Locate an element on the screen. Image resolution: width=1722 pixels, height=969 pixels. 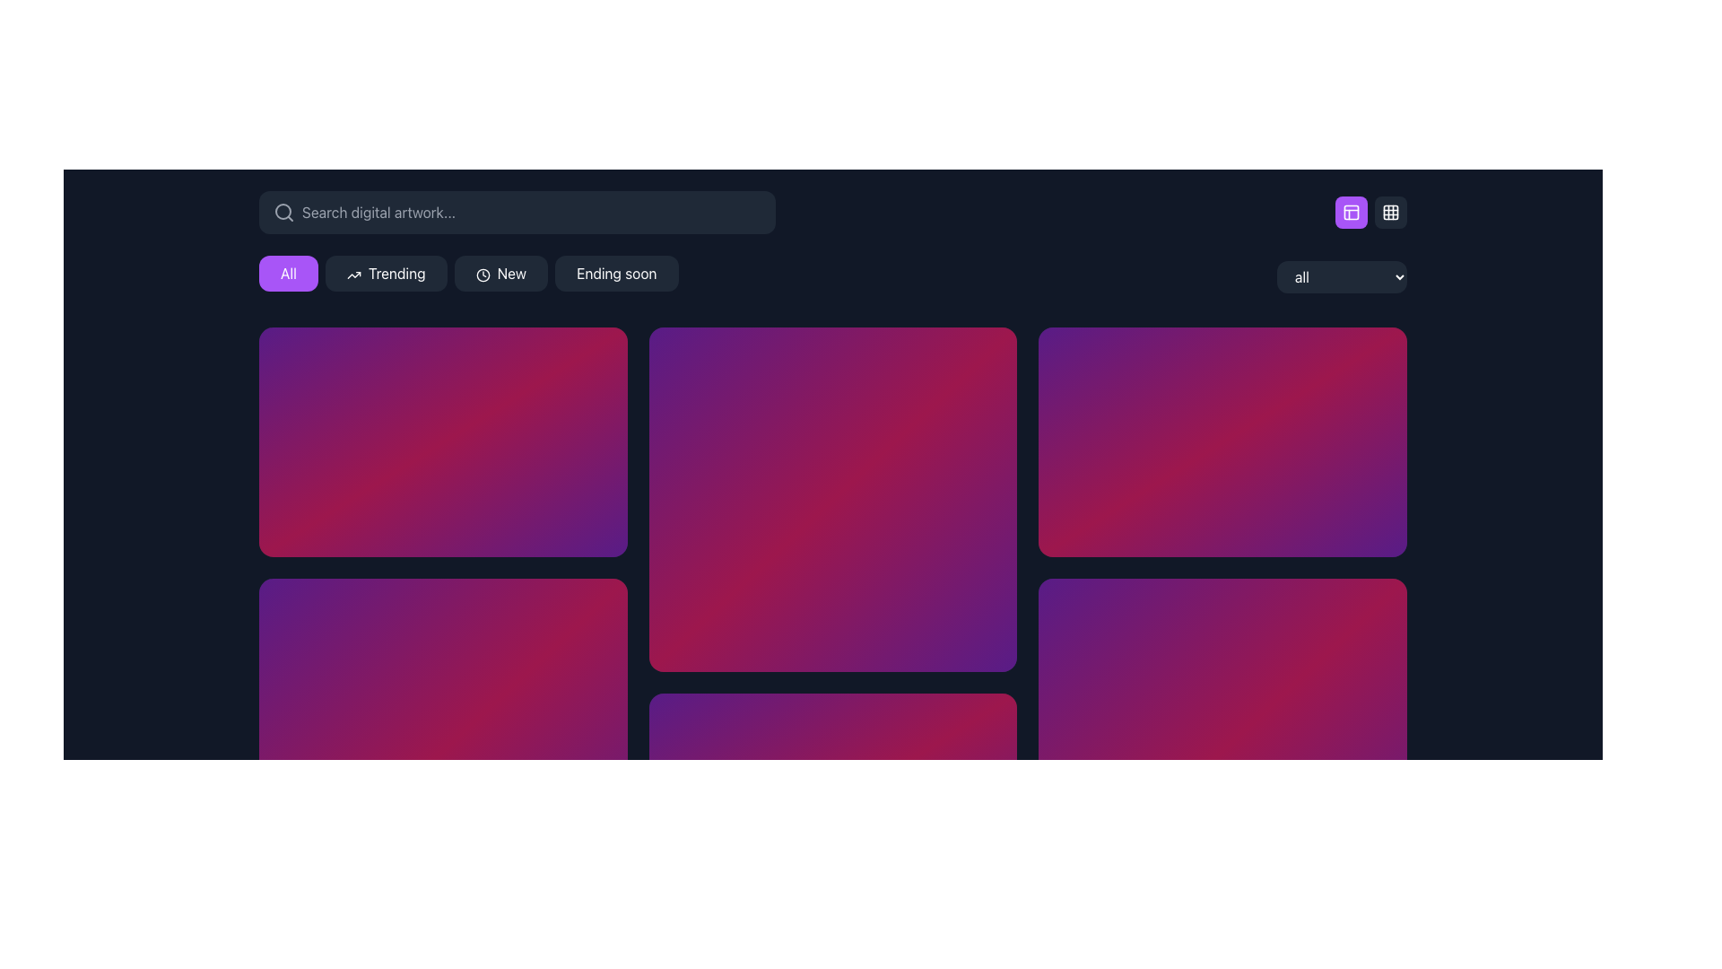
the zoom-in button located at the top-right corner of the grid section, which has a slightly transparent dark background and rounded edges is located at coordinates (596, 357).